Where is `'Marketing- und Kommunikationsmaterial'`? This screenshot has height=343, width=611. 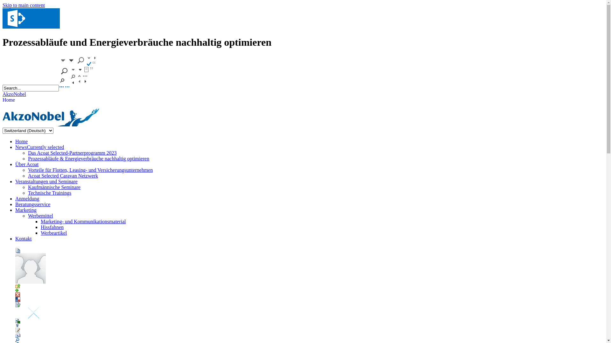
'Marketing- und Kommunikationsmaterial' is located at coordinates (83, 221).